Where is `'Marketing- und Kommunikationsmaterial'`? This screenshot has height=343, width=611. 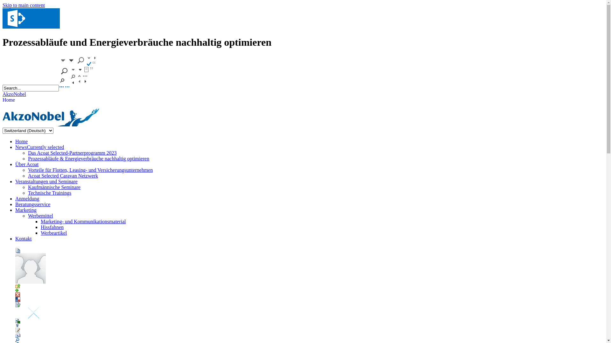
'Marketing- und Kommunikationsmaterial' is located at coordinates (83, 221).